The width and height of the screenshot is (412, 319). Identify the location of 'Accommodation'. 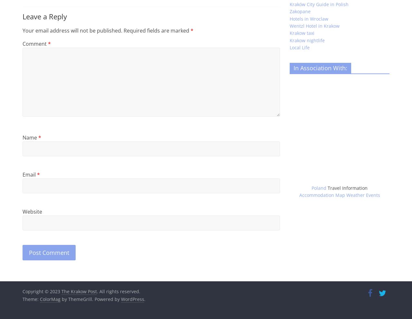
(317, 195).